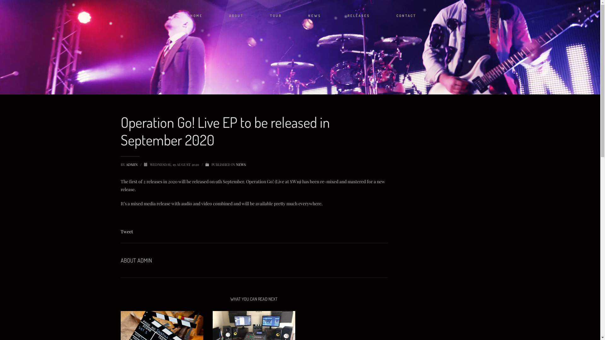  What do you see at coordinates (406, 15) in the screenshot?
I see `'CONTACT'` at bounding box center [406, 15].